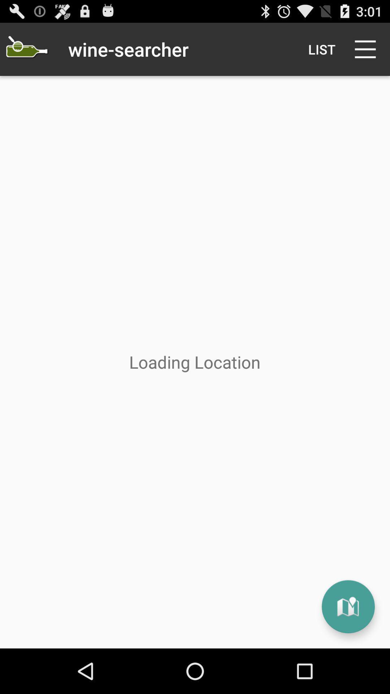 The height and width of the screenshot is (694, 390). I want to click on the list icon, so click(321, 49).